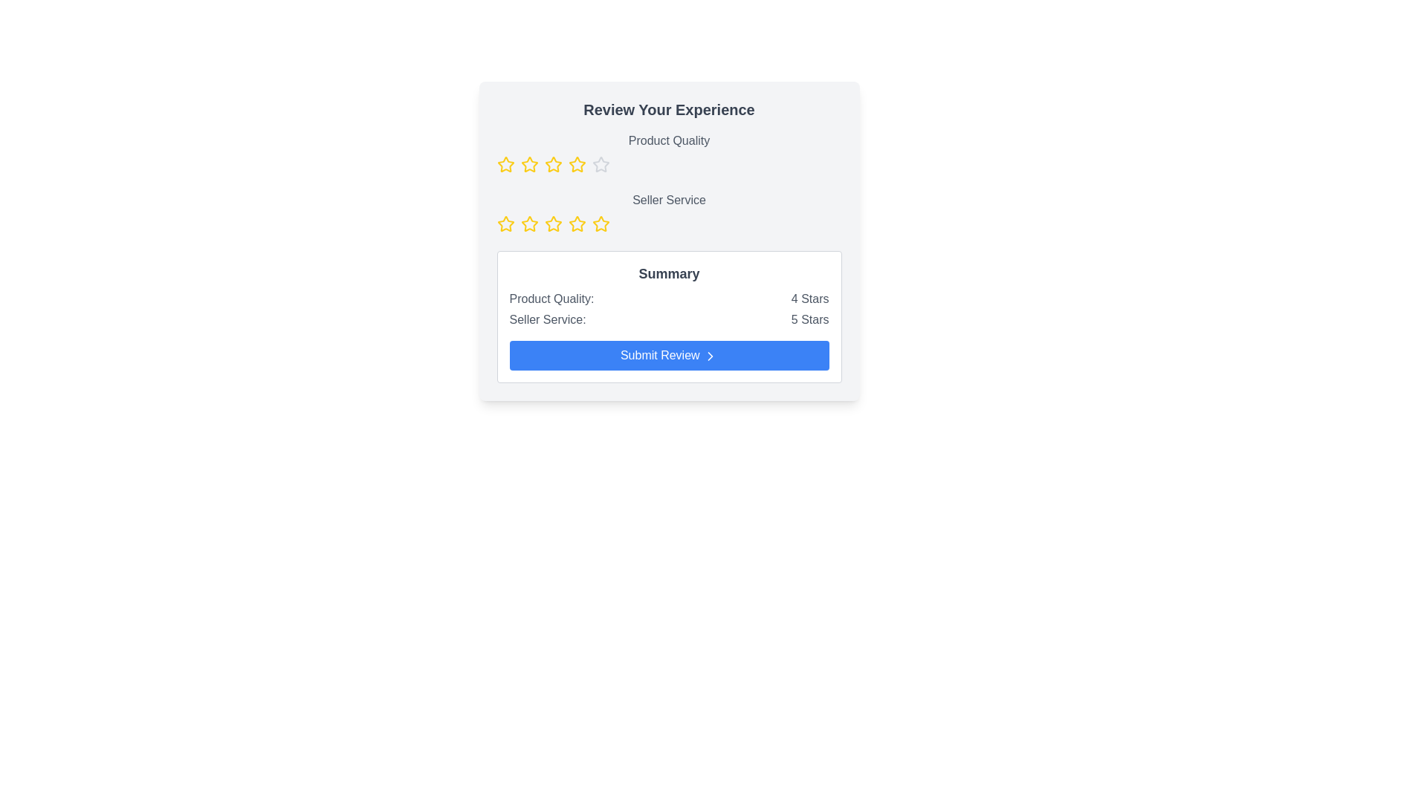  What do you see at coordinates (668, 165) in the screenshot?
I see `across the stars in the 'Product Quality' rating component` at bounding box center [668, 165].